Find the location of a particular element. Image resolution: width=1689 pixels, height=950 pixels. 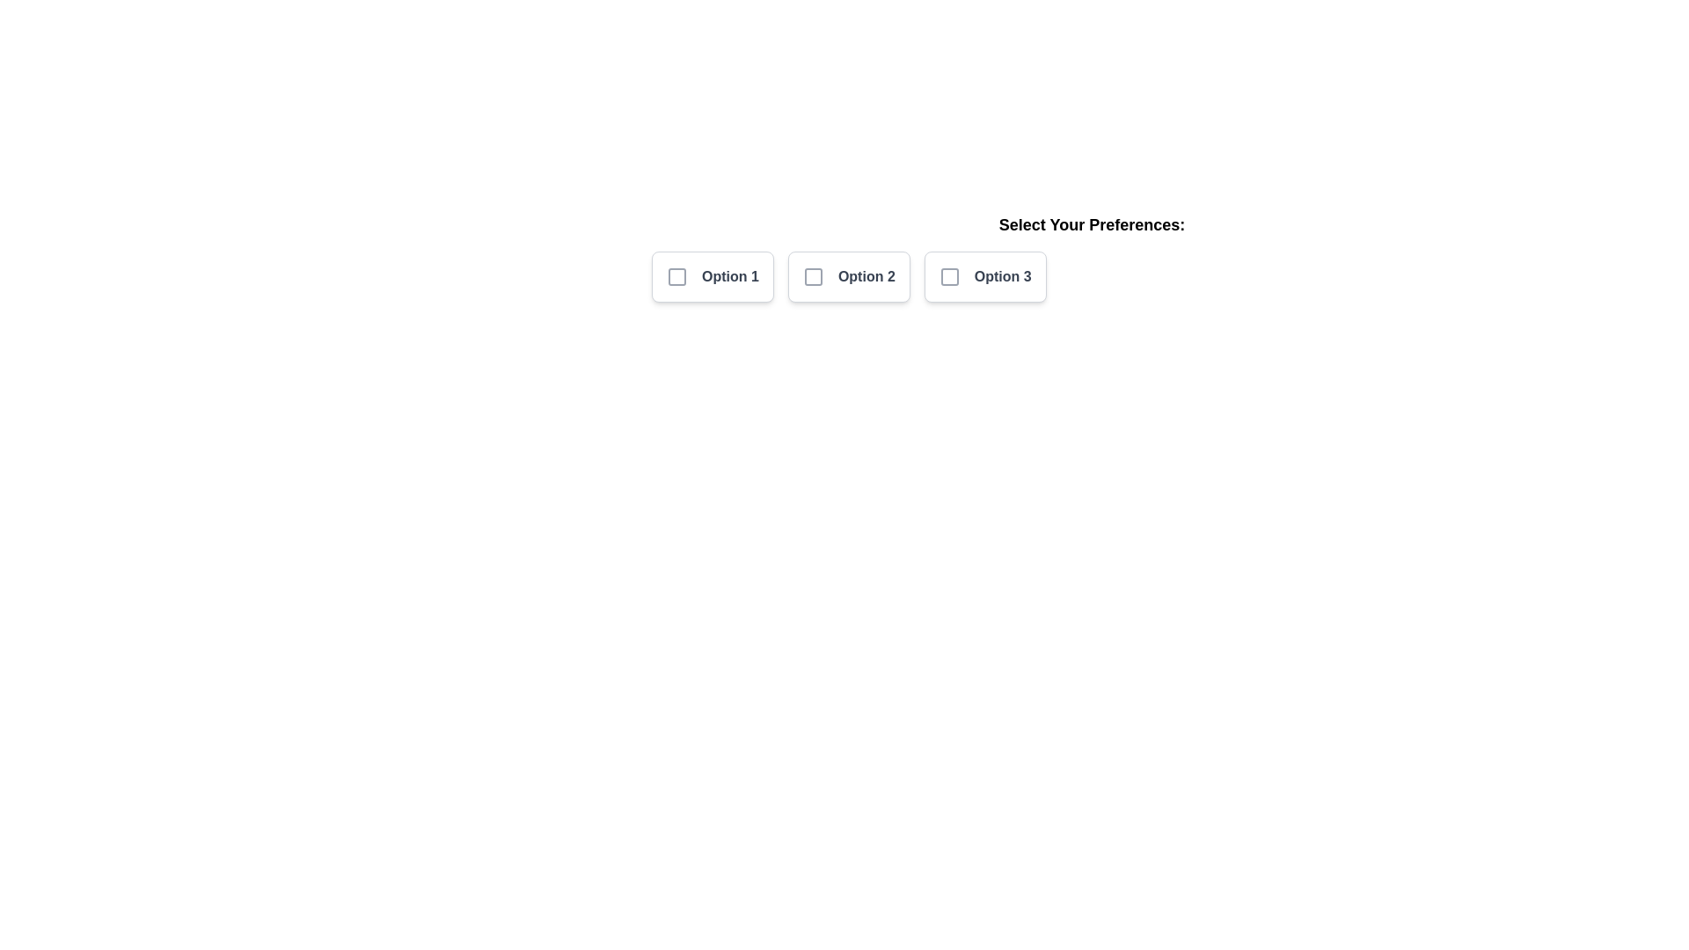

the inactive decorative icon inside the first checkbox labeled 'Option 1' in the selection interface is located at coordinates (676, 277).